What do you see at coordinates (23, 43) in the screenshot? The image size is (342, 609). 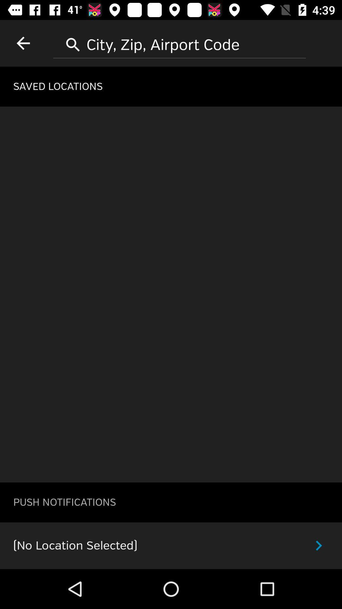 I see `item at the top left corner` at bounding box center [23, 43].